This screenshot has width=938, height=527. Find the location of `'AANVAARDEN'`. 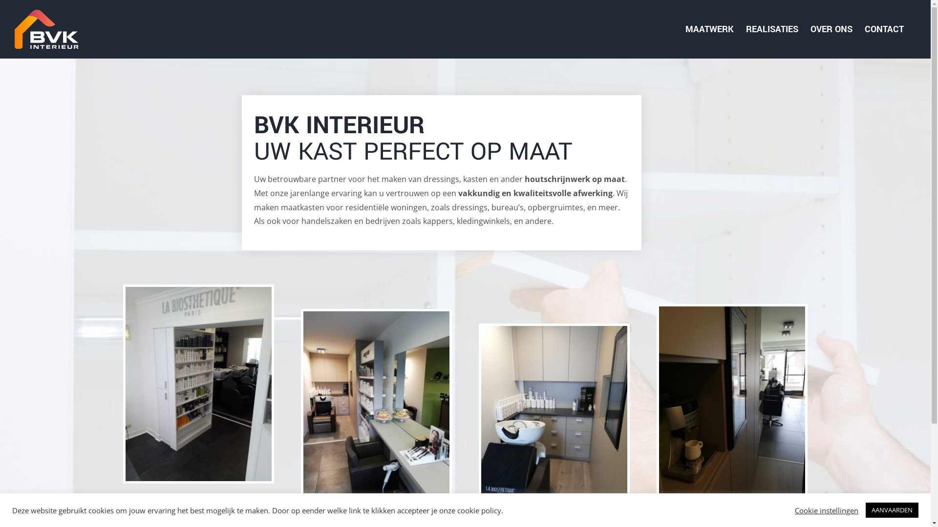

'AANVAARDEN' is located at coordinates (892, 509).